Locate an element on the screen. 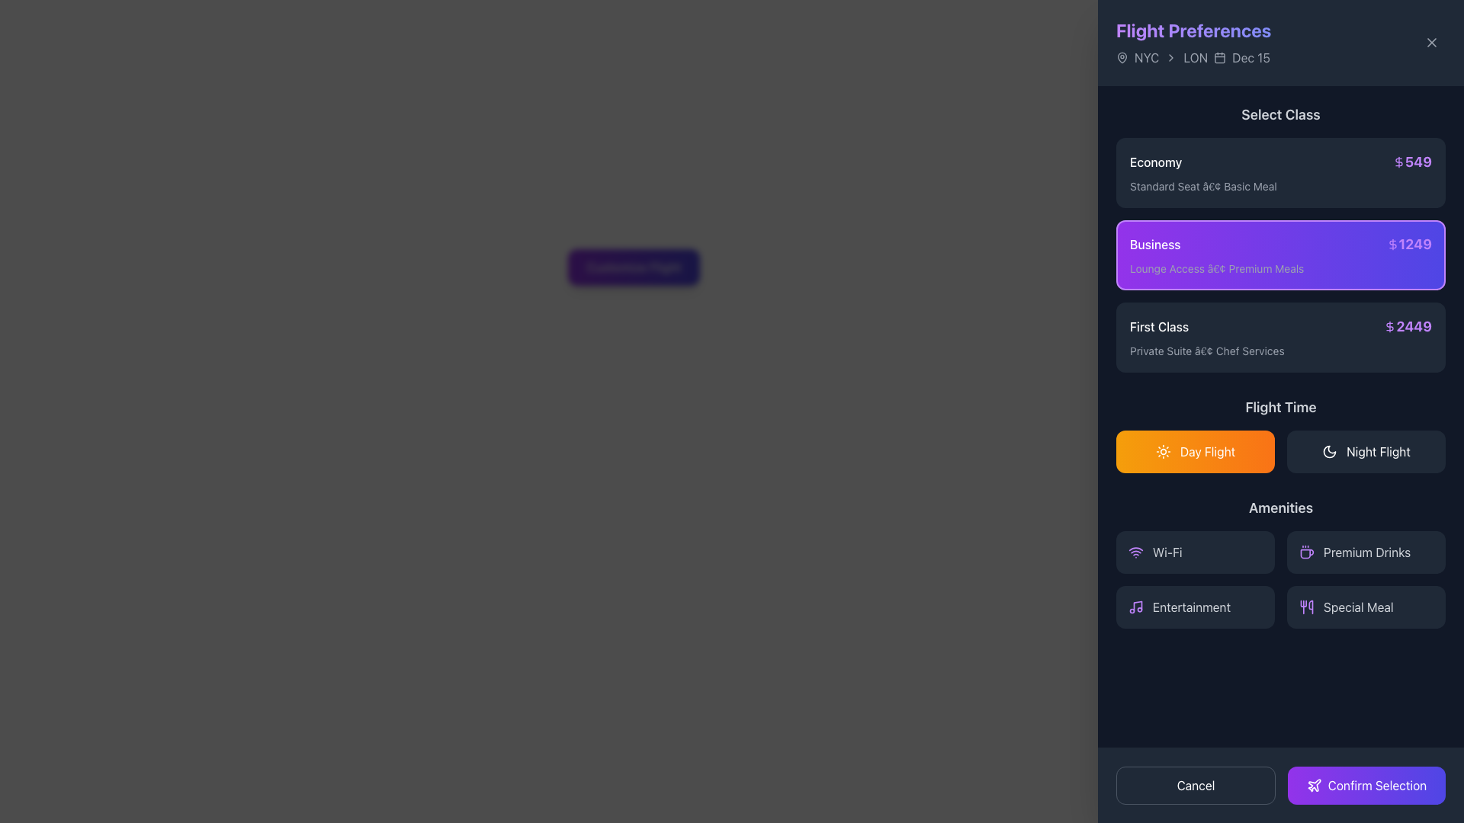  the 'Economy' text label located at the top of the 'Select Class' section, positioned to the left of the price indicator '$549' is located at coordinates (1156, 162).